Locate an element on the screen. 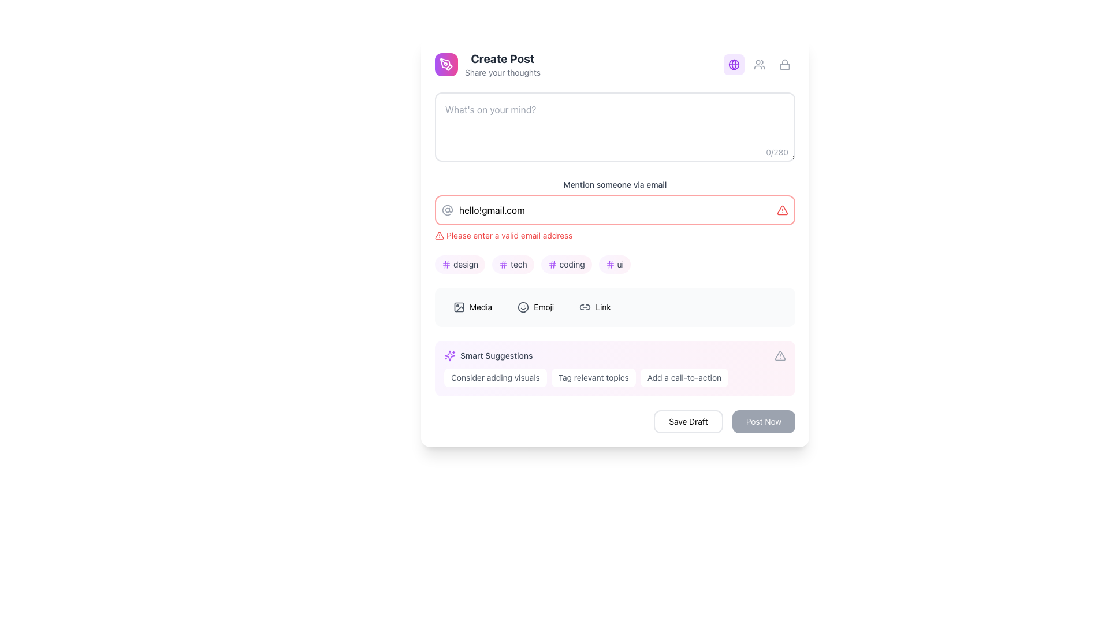 The height and width of the screenshot is (624, 1109). the first button on the leftmost side of the horizontal row is located at coordinates (472, 307).